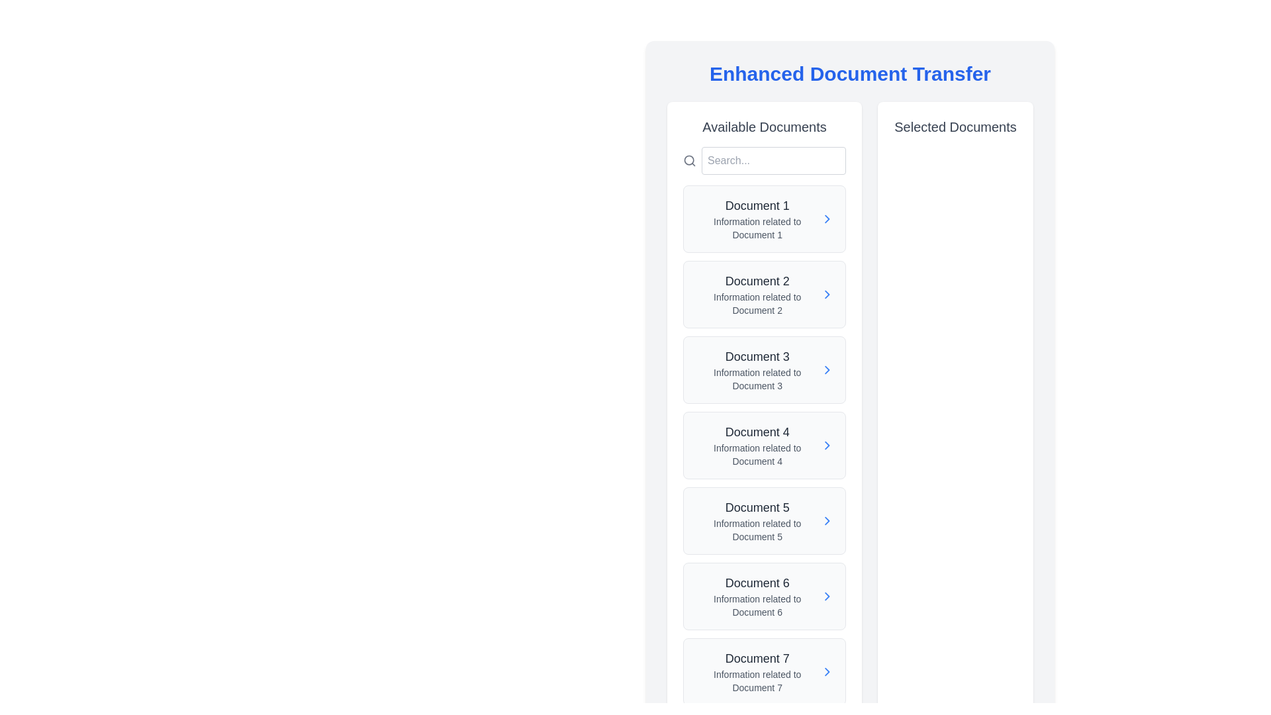  Describe the element at coordinates (757, 596) in the screenshot. I see `on the text block representing 'Document 6' in the 'Available Documents' list` at that location.